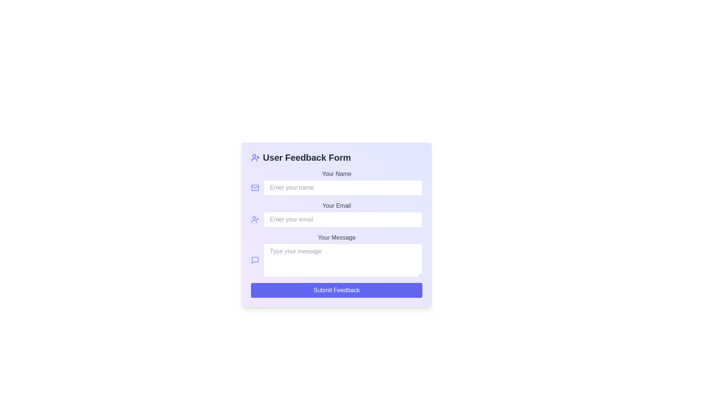  What do you see at coordinates (336, 260) in the screenshot?
I see `the Textarea input field with placeholder 'Type your message' to provide visual feedback` at bounding box center [336, 260].